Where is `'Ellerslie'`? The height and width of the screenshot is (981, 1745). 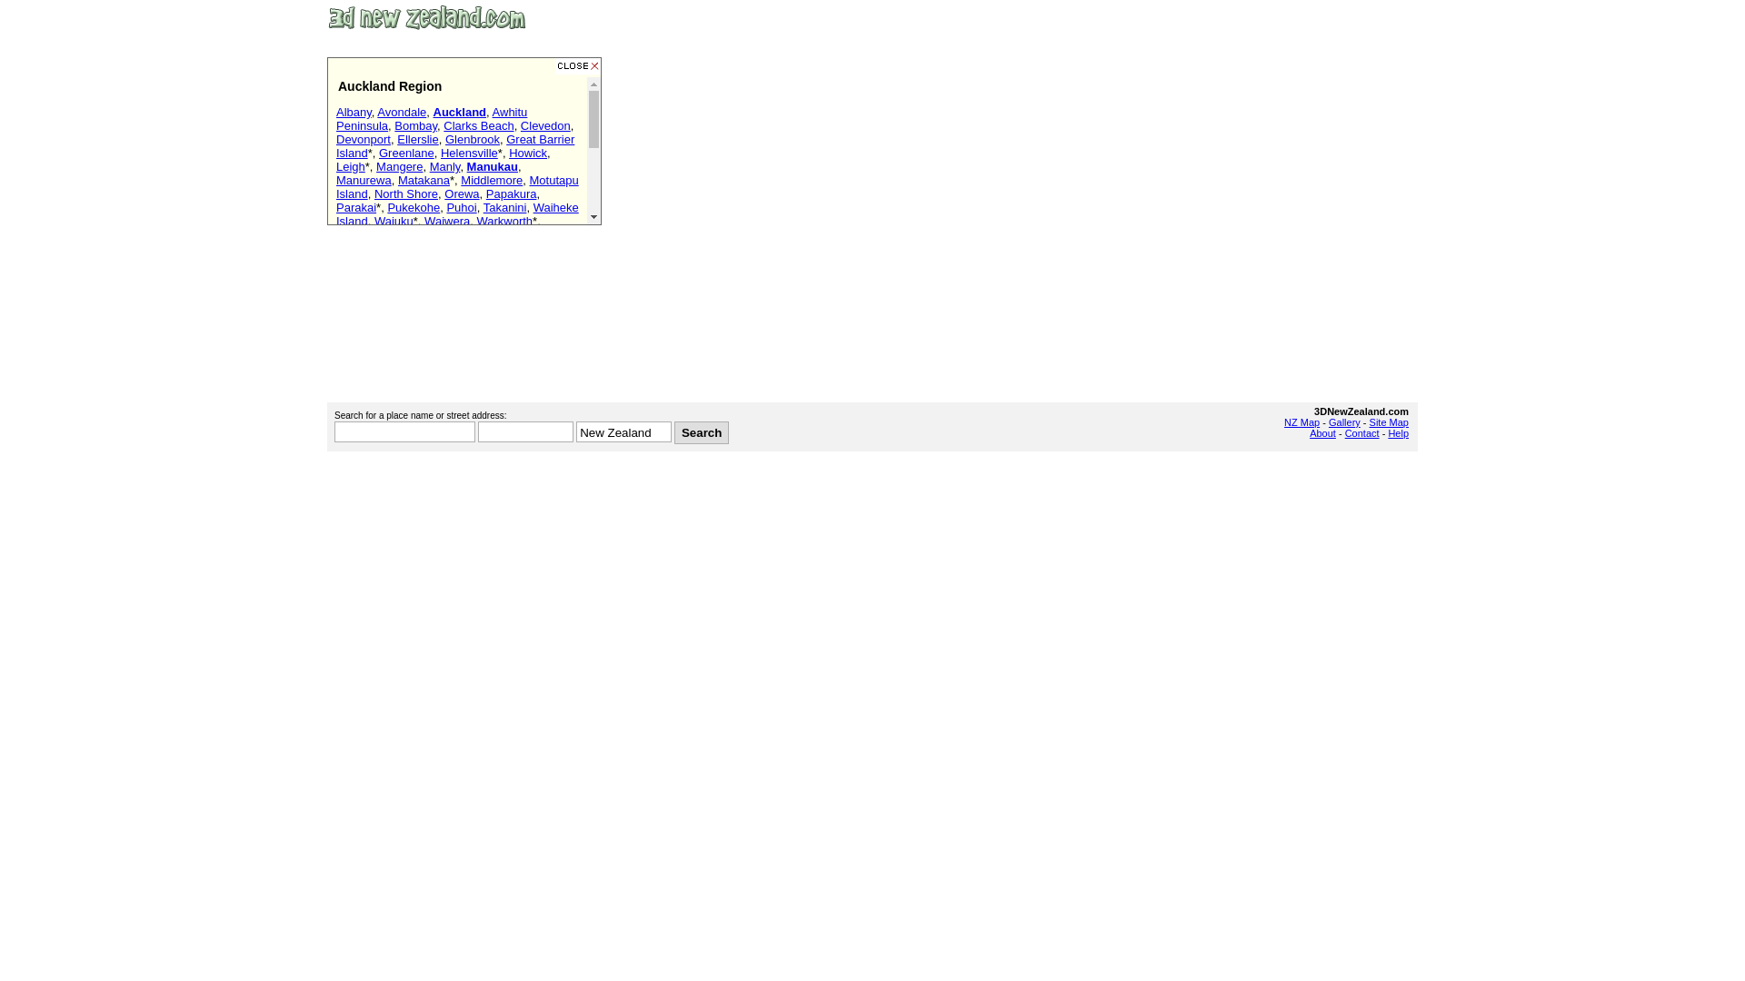 'Ellerslie' is located at coordinates (417, 138).